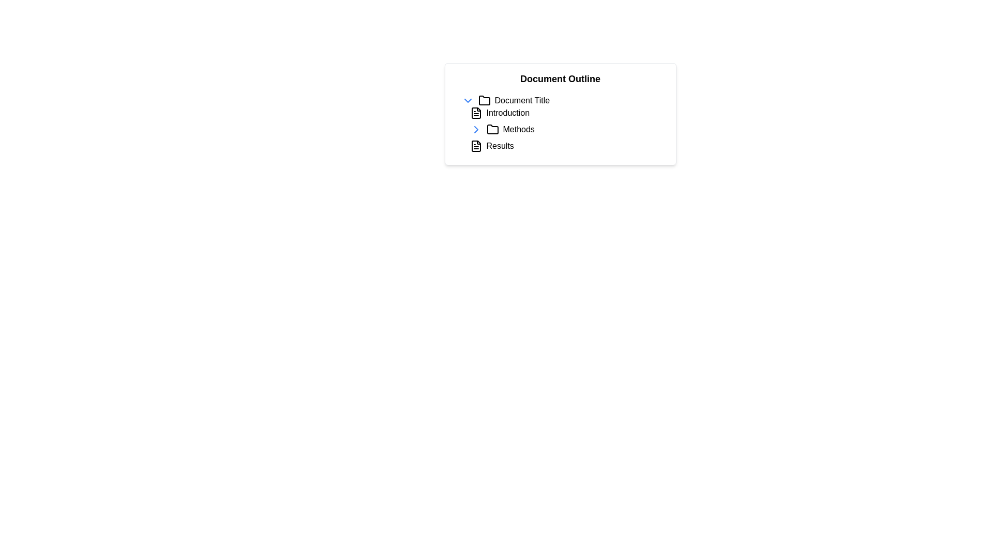 The height and width of the screenshot is (558, 993). What do you see at coordinates (475, 129) in the screenshot?
I see `the rightward-facing chevron symbol located in the 'Methods' section, which signifies navigation or expansion` at bounding box center [475, 129].